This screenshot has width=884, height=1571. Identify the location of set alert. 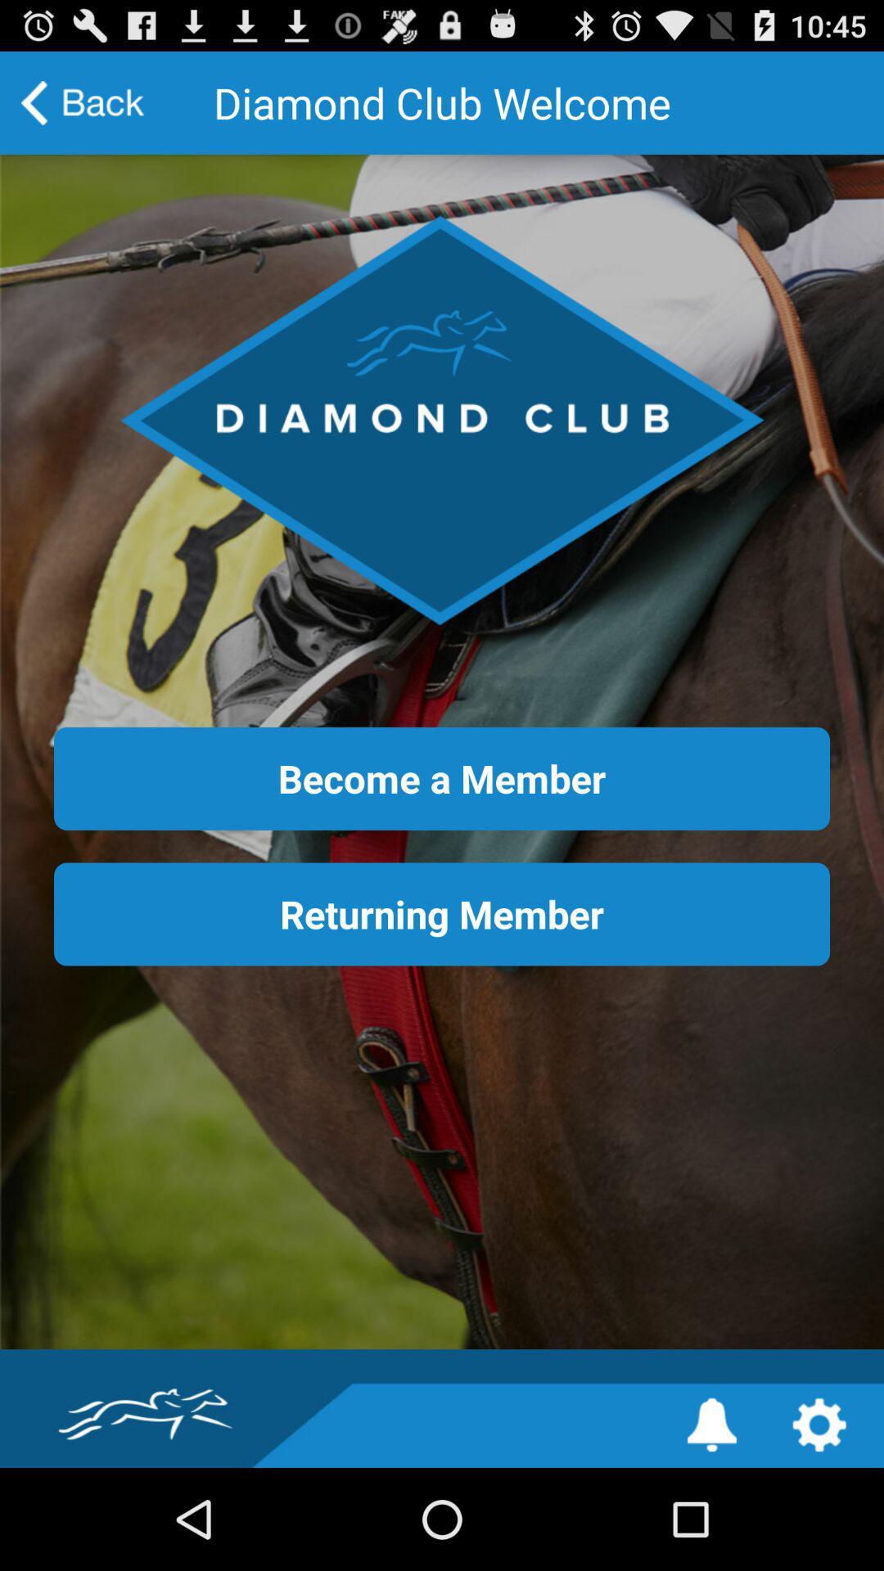
(711, 1424).